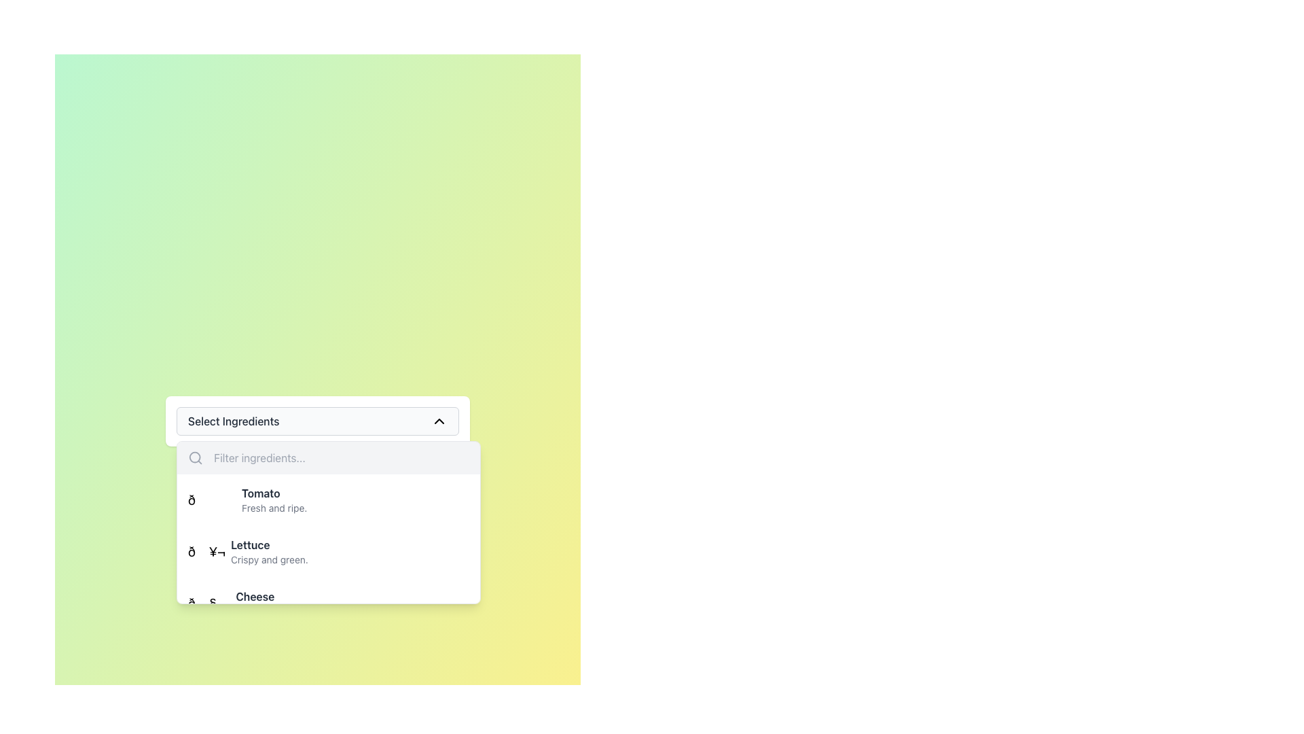 The image size is (1304, 734). Describe the element at coordinates (206, 552) in the screenshot. I see `the emoji or symbol representing 'Lettuce' in the second list item of the dropdown menu, which is visually accompanied by the description 'Crispy and green.'` at that location.